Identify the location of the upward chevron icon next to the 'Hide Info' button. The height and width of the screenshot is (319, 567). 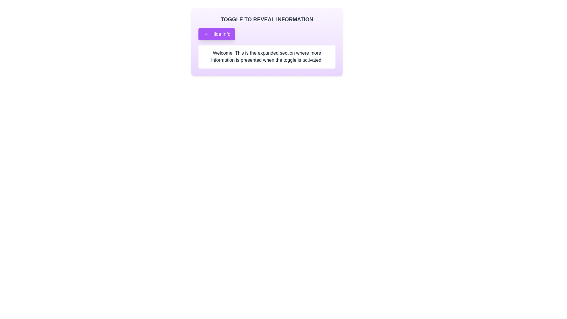
(206, 34).